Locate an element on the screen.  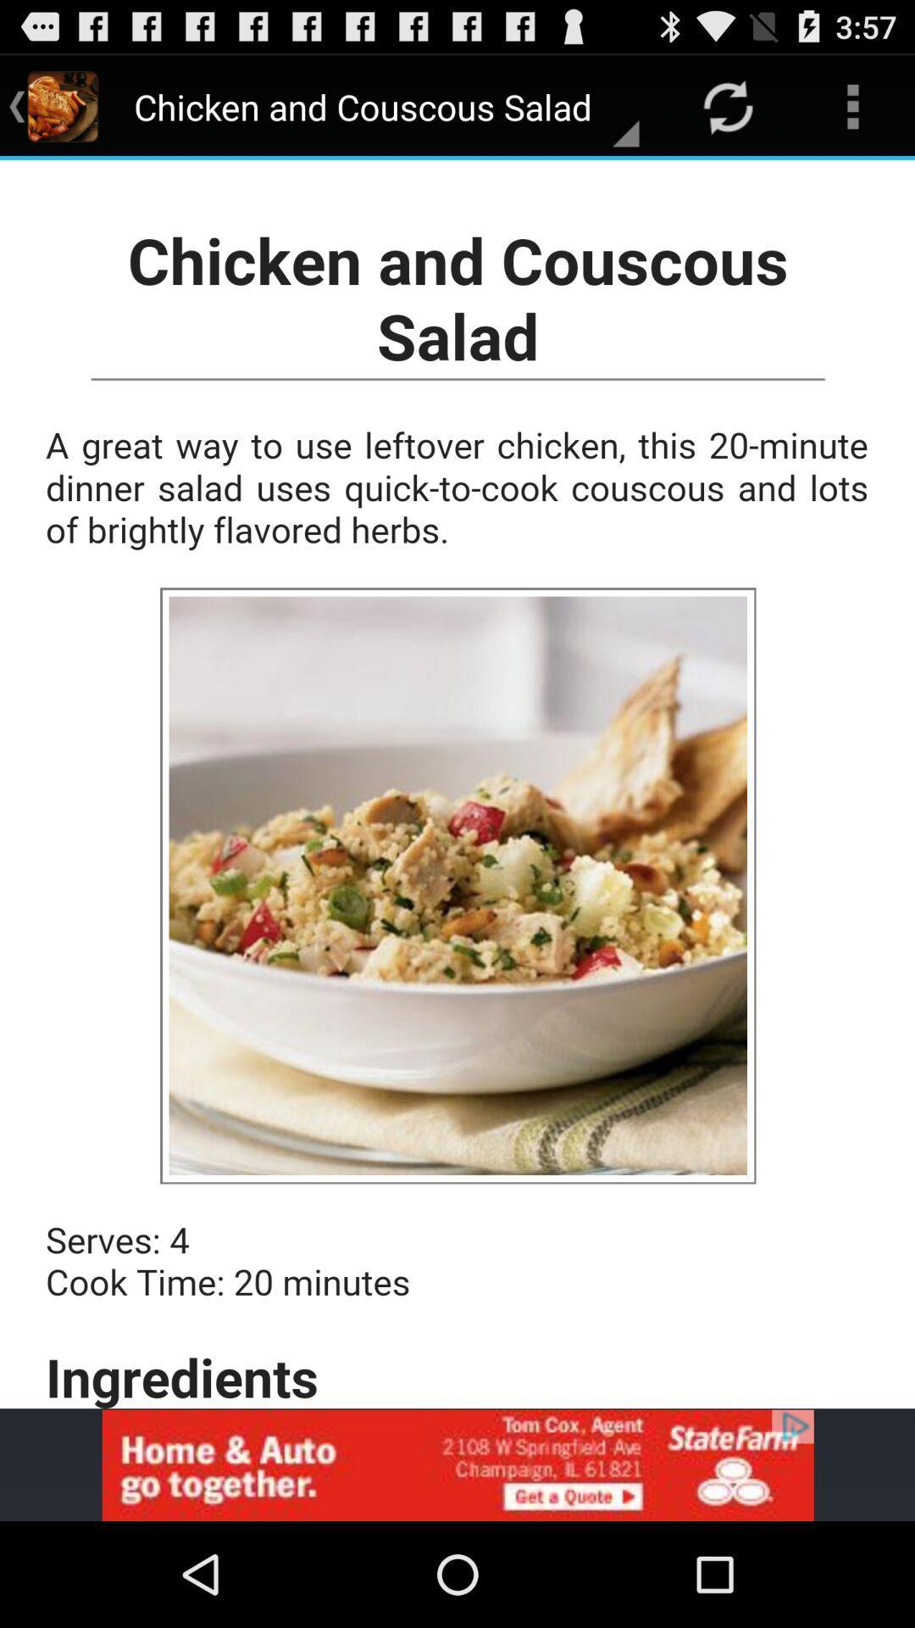
article body is located at coordinates (457, 783).